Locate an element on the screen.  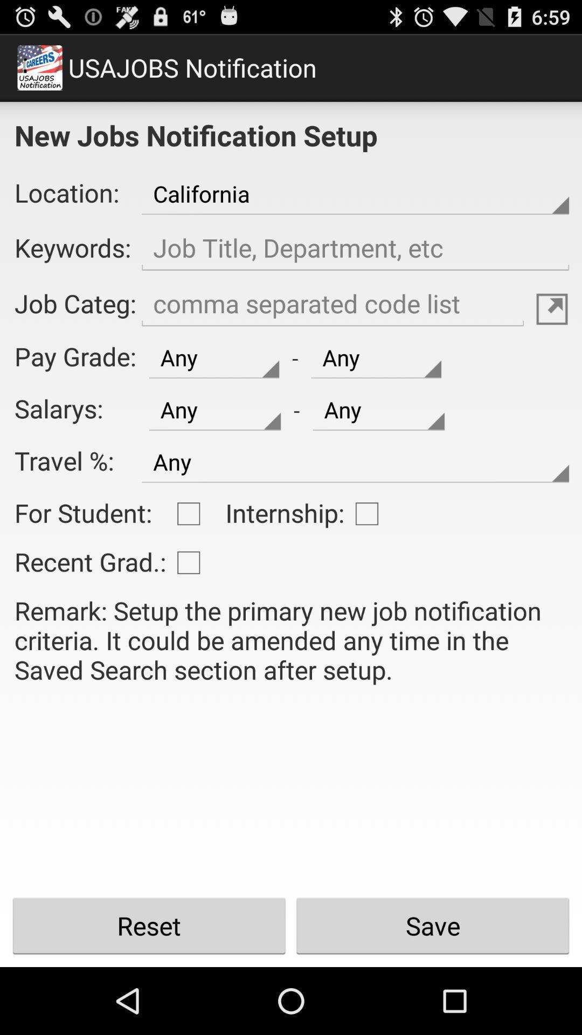
the any option to the left of salarys text is located at coordinates (214, 410).